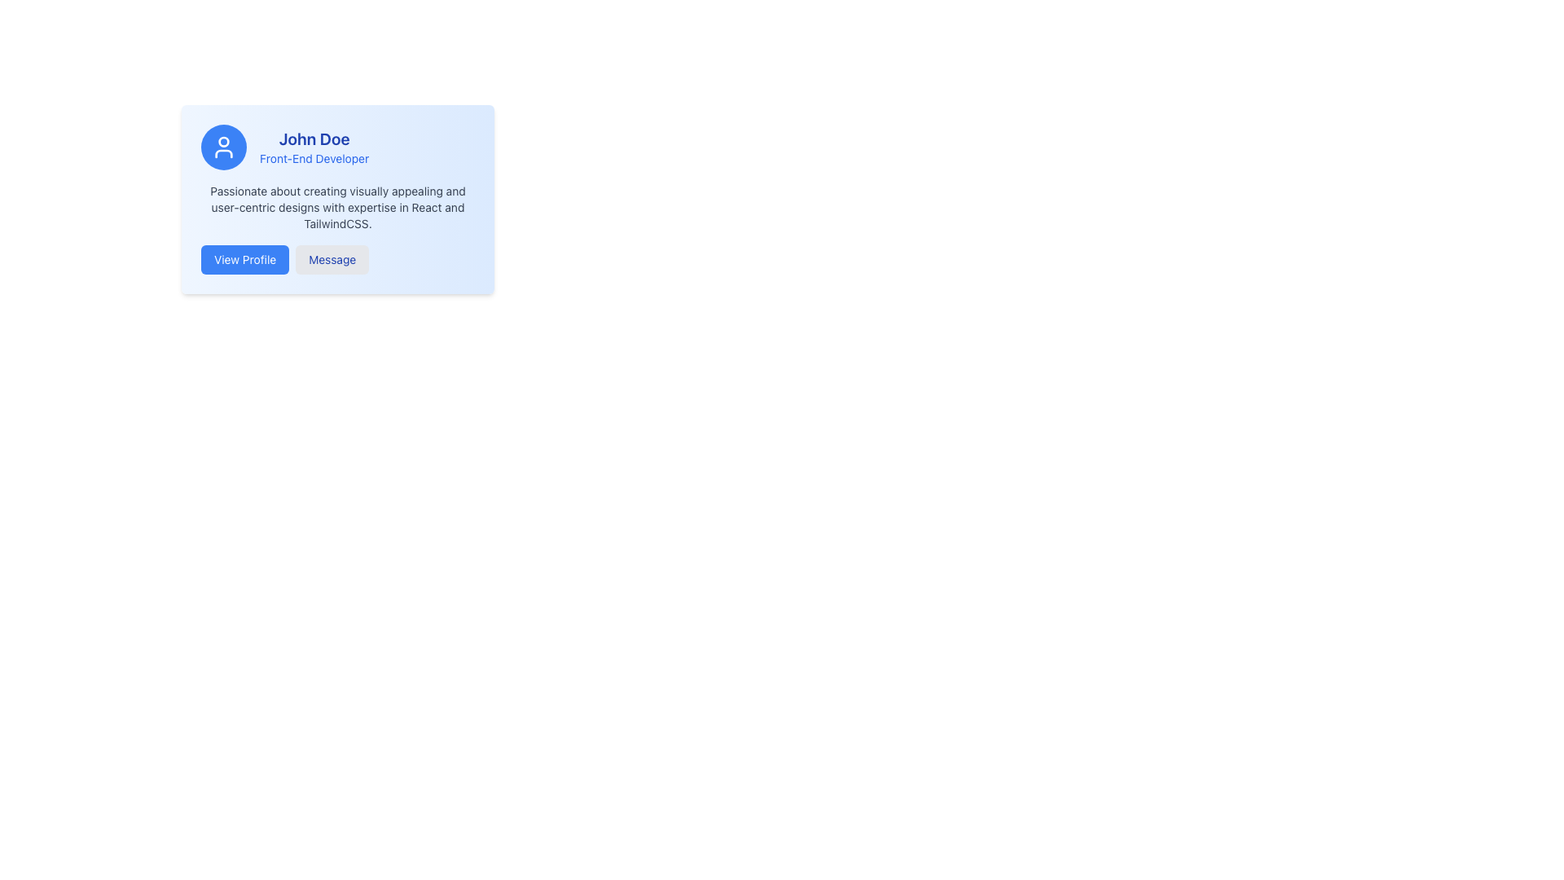 The image size is (1564, 880). I want to click on the graphical icon component located in the bottom half of the profile icon by clicking on its center, so click(222, 154).